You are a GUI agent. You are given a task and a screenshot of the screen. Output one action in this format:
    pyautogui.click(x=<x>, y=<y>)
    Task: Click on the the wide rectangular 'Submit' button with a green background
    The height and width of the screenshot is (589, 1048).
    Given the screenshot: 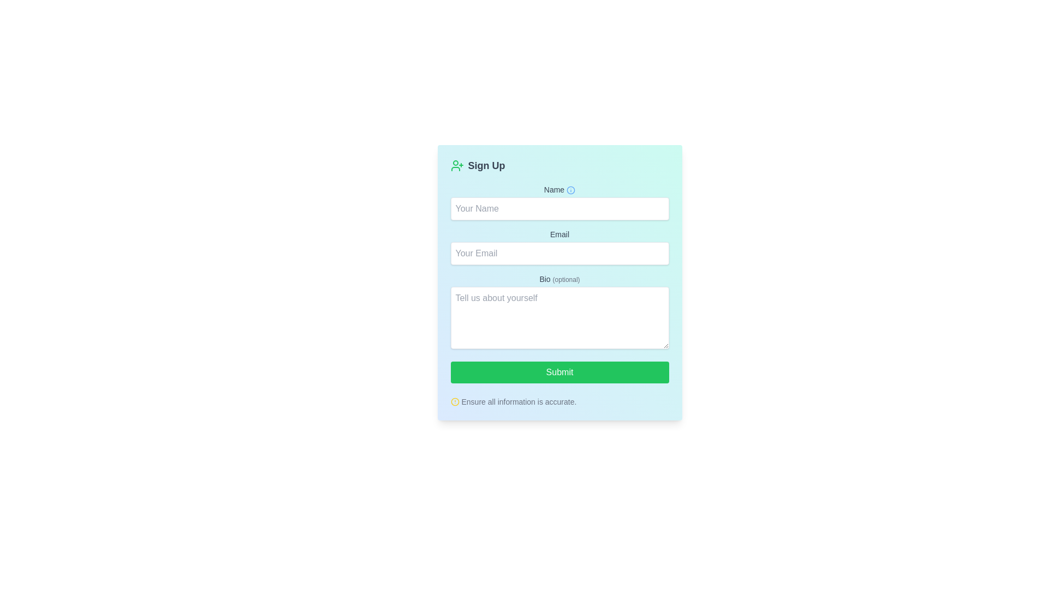 What is the action you would take?
    pyautogui.click(x=559, y=371)
    